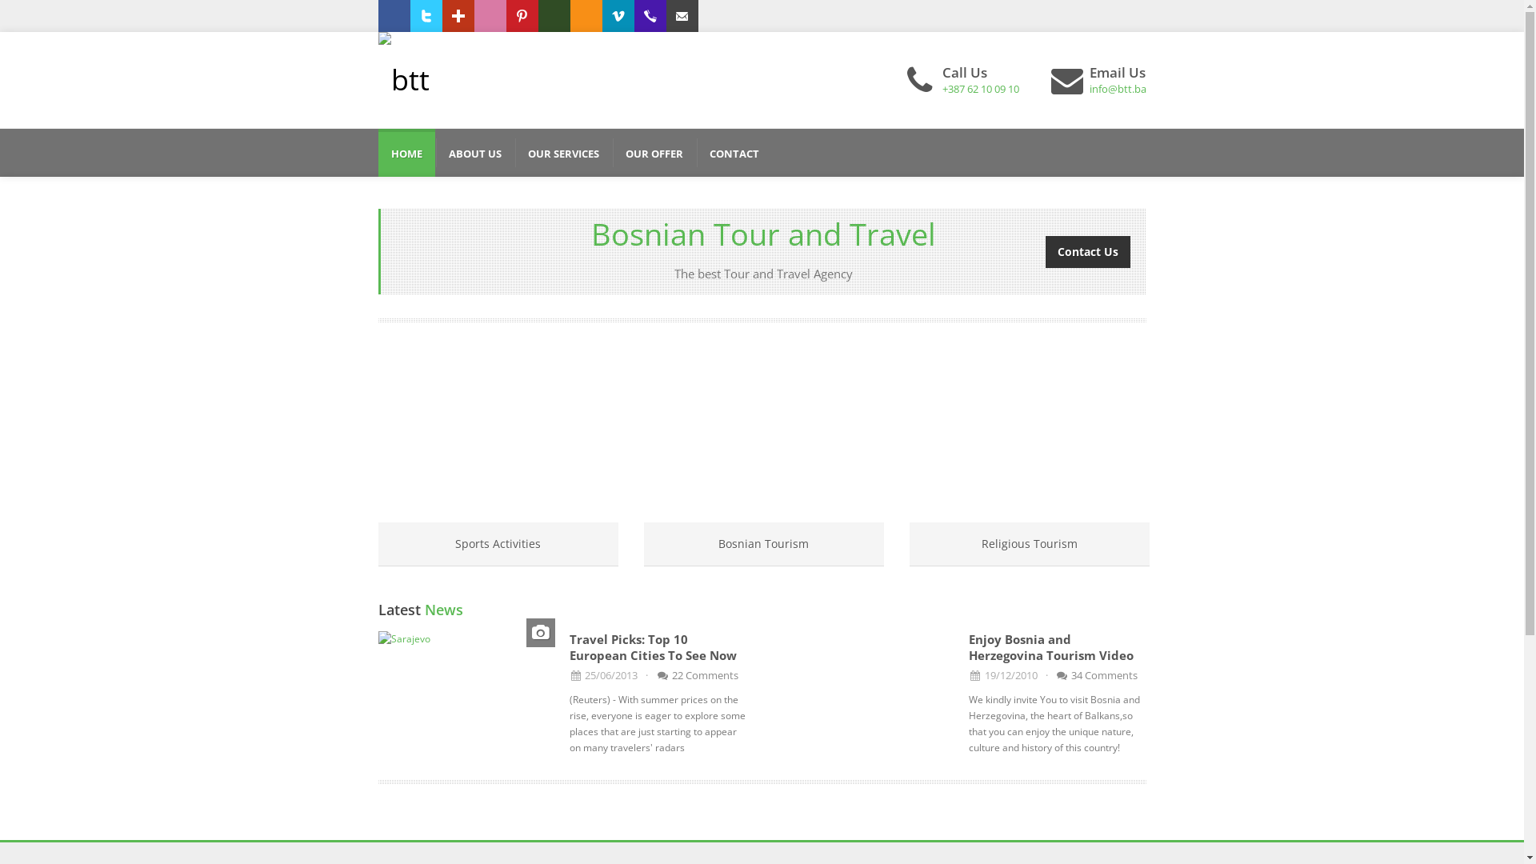  Describe the element at coordinates (497, 542) in the screenshot. I see `'Sports Activities'` at that location.